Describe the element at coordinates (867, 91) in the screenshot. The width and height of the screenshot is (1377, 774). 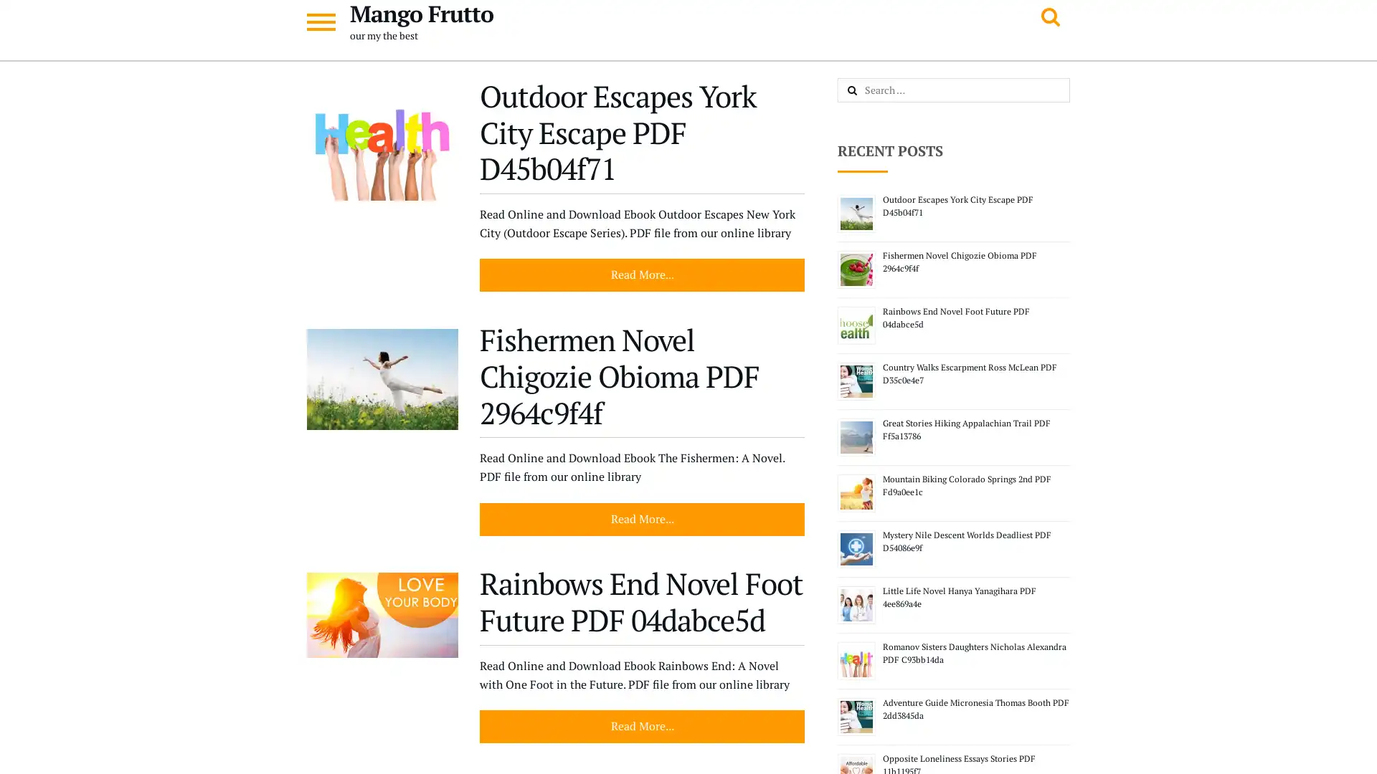
I see `Search` at that location.